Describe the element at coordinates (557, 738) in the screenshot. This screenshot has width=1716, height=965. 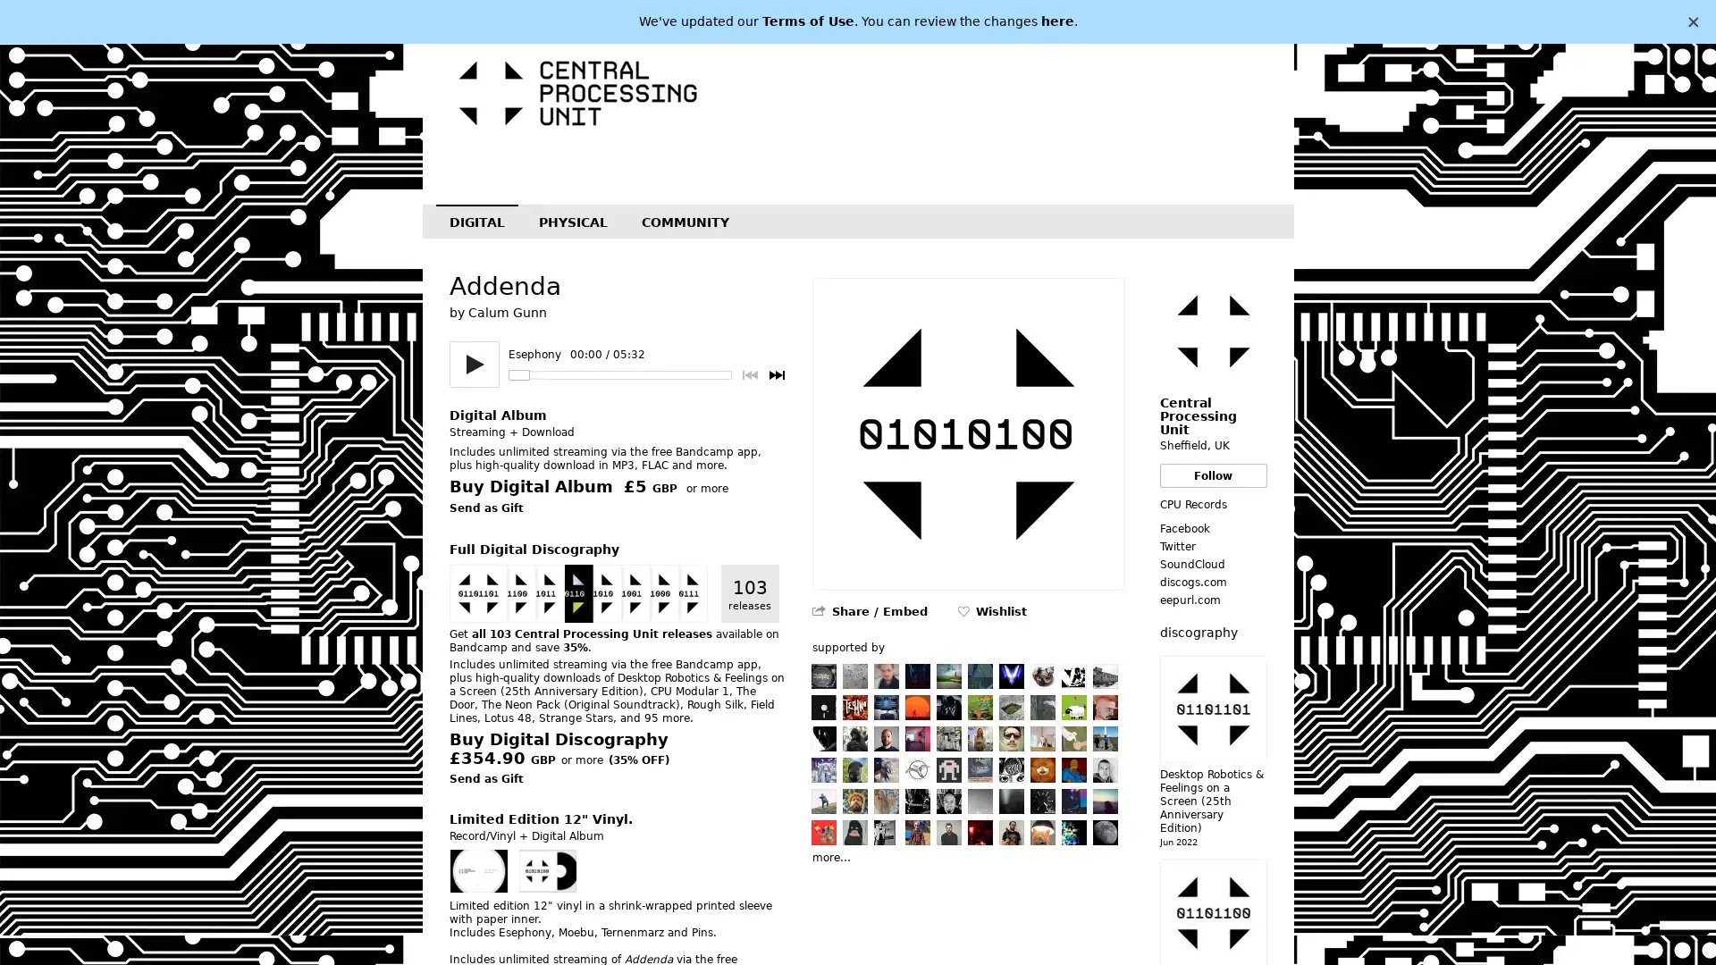
I see `Buy Digital Discography` at that location.